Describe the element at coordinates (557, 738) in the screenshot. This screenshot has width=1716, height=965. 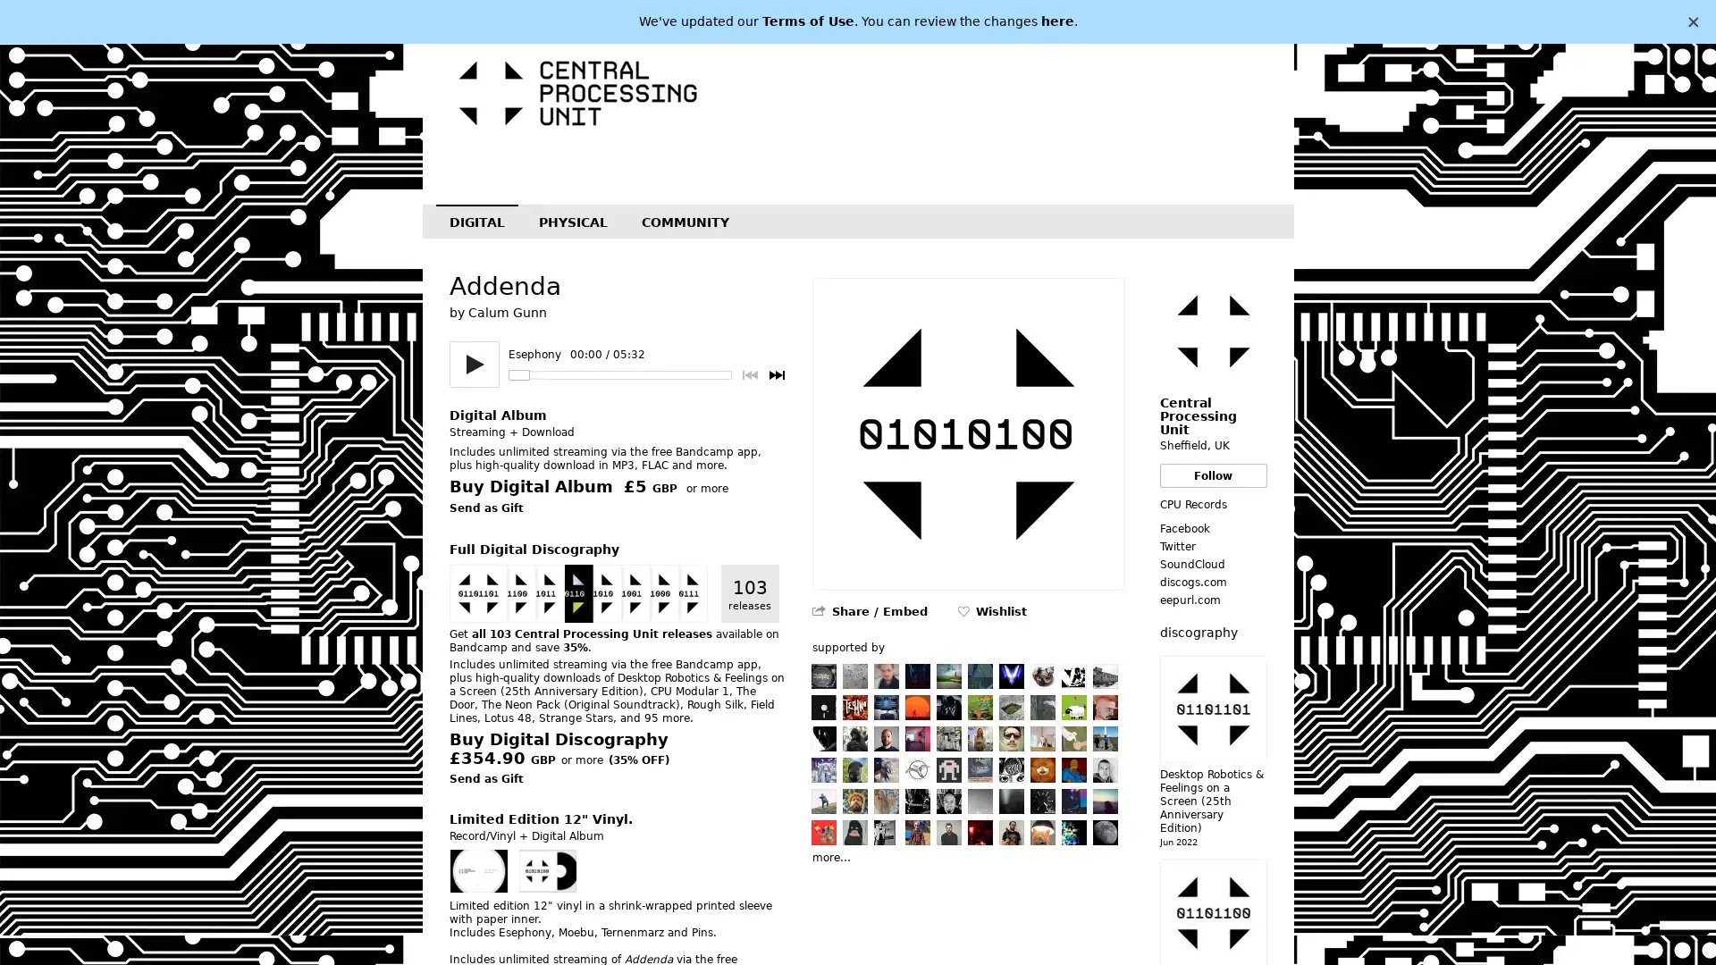
I see `Buy Digital Discography` at that location.